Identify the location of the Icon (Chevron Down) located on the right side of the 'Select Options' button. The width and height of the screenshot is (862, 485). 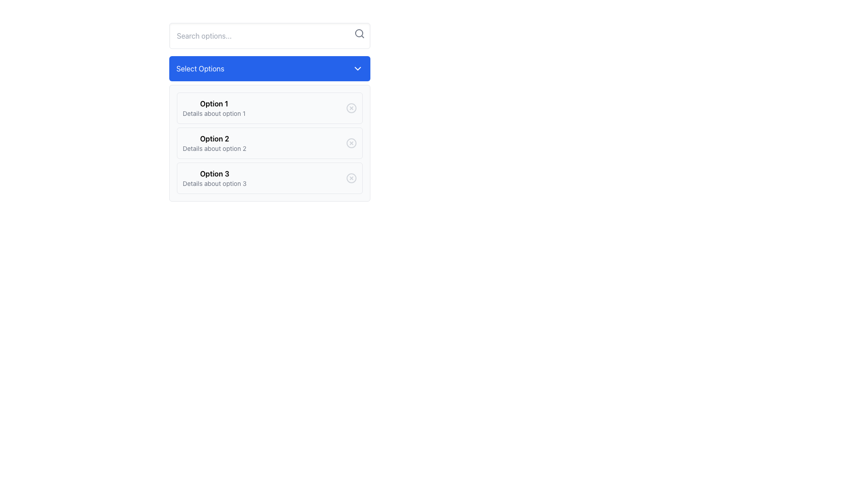
(357, 68).